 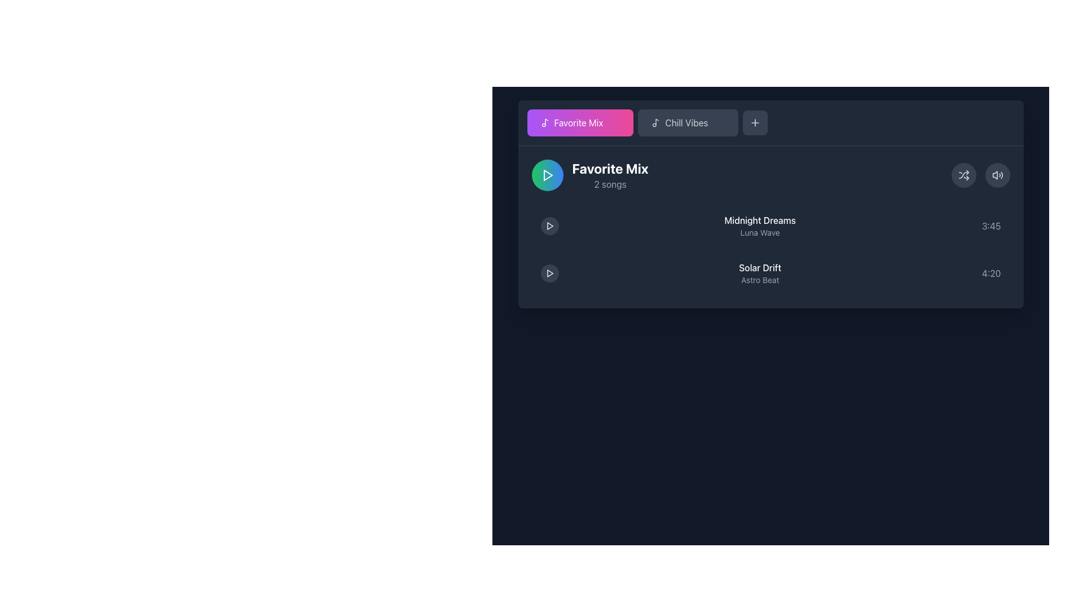 I want to click on the 'Chill Vibes' button, which is the second navigation button in the series at the top of the interface, so click(x=686, y=123).